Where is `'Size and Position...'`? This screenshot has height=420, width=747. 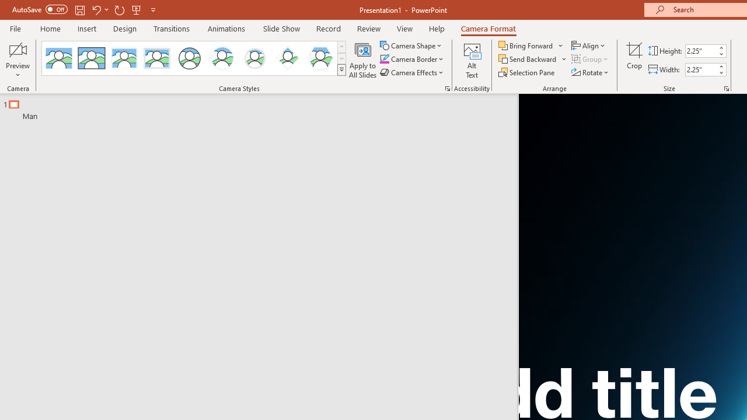
'Size and Position...' is located at coordinates (725, 87).